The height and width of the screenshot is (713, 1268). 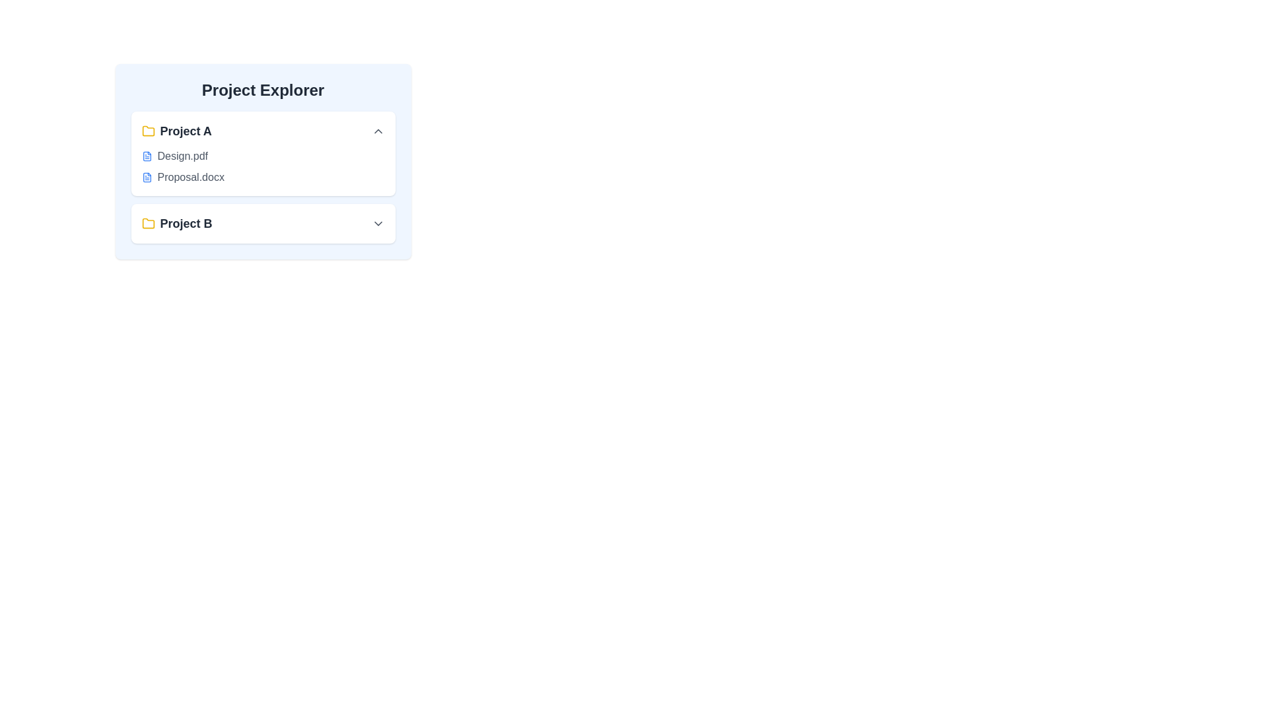 I want to click on toggle button of Project A to expand or collapse it, so click(x=377, y=131).